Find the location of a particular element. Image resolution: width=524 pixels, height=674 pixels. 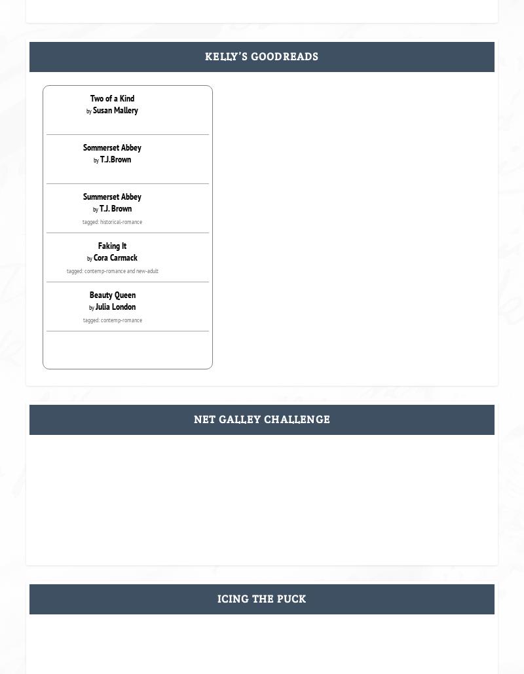

'Sommerset Abbey' is located at coordinates (83, 147).